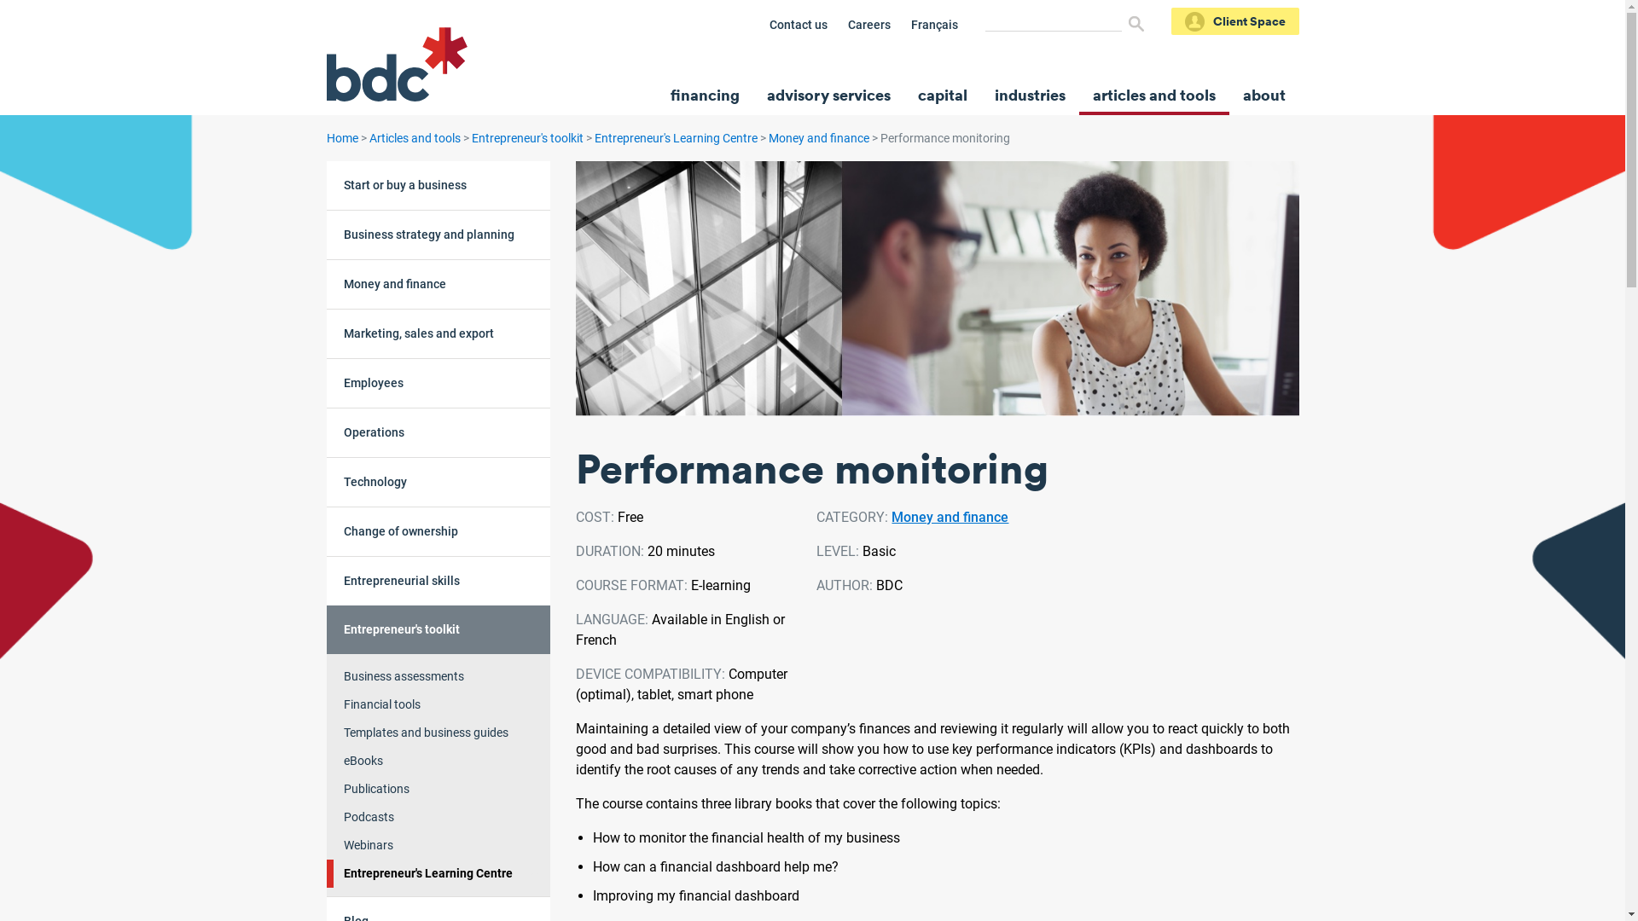 The height and width of the screenshot is (921, 1638). What do you see at coordinates (594, 137) in the screenshot?
I see `'Entrepreneur's Learning Centre'` at bounding box center [594, 137].